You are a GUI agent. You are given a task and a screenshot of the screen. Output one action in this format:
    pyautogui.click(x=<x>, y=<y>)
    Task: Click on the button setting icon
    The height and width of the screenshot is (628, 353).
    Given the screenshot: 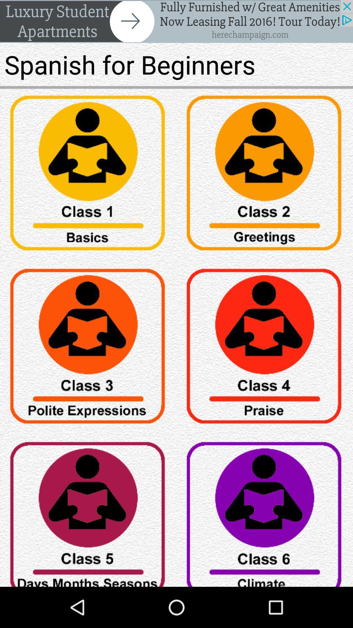 What is the action you would take?
    pyautogui.click(x=265, y=511)
    